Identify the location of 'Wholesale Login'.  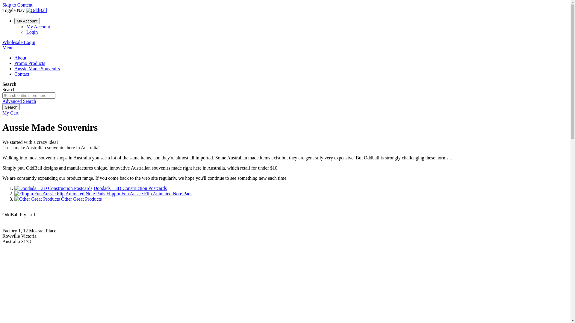
(19, 42).